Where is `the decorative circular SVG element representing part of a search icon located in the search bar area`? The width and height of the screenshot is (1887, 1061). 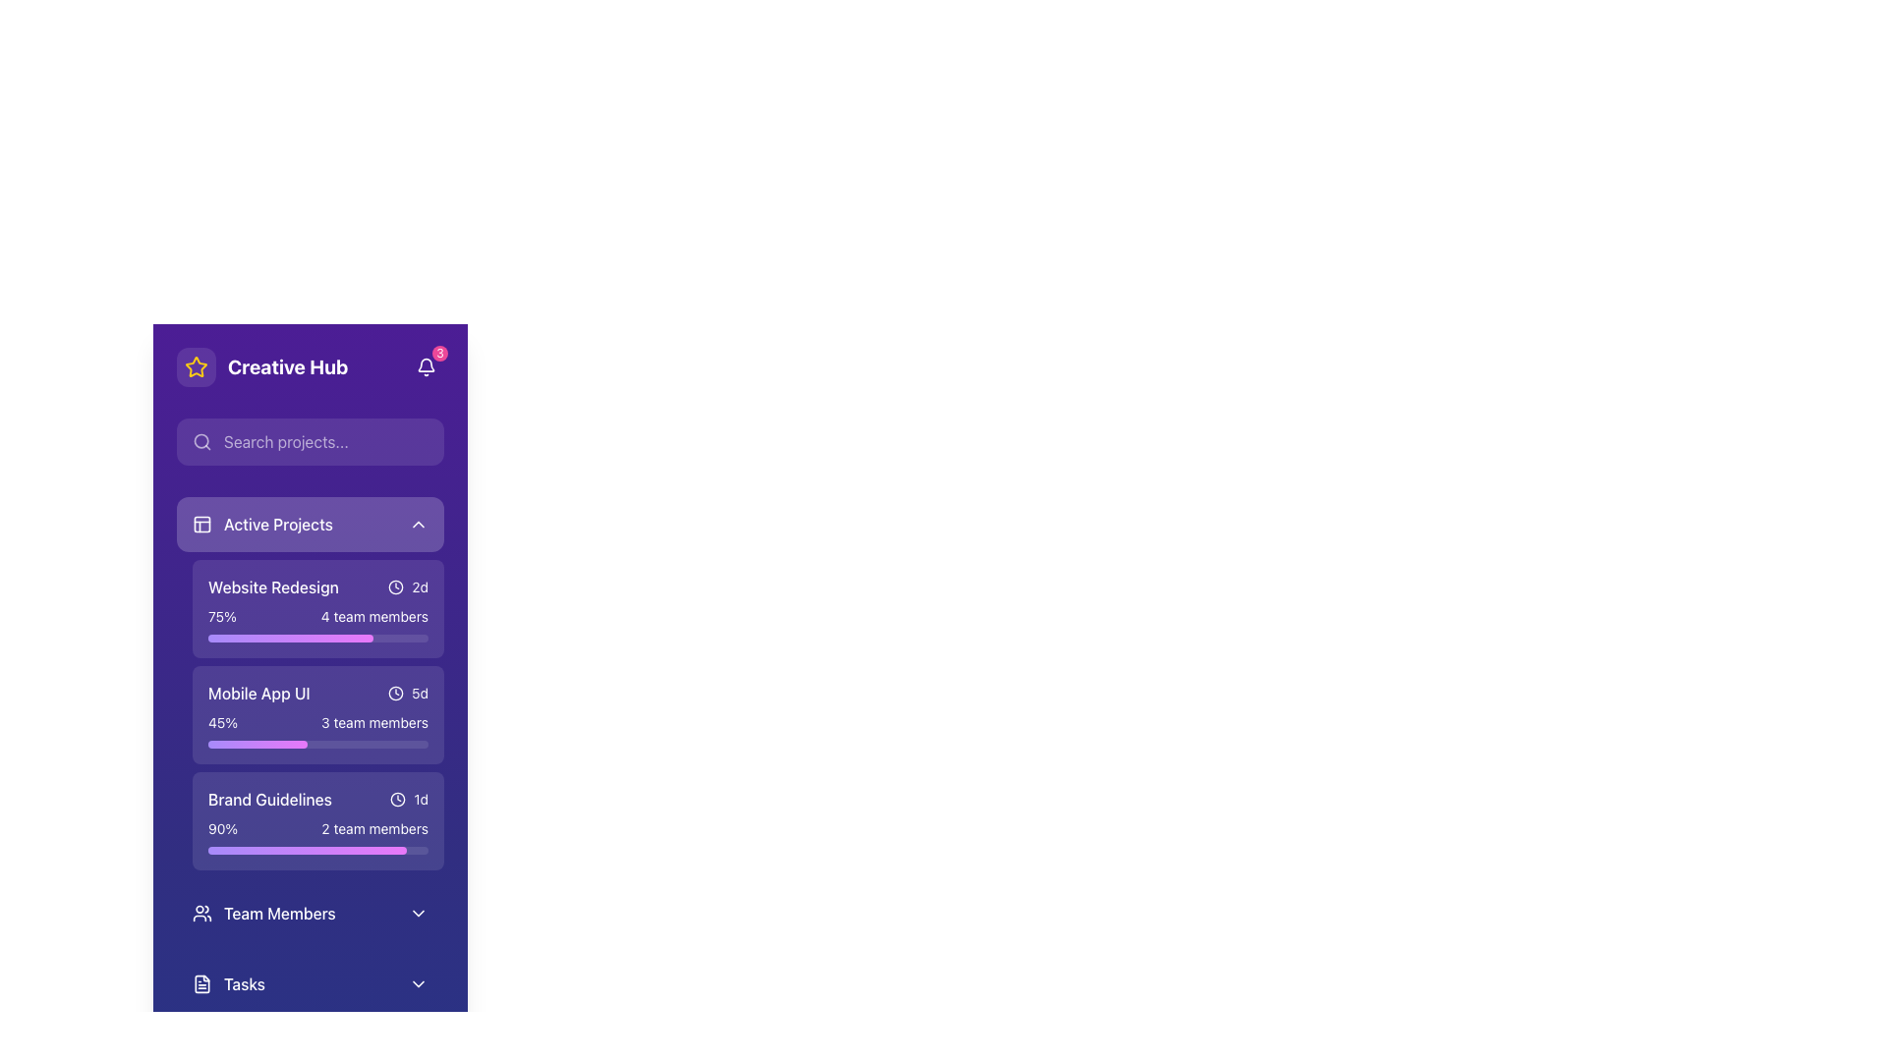
the decorative circular SVG element representing part of a search icon located in the search bar area is located at coordinates (201, 440).